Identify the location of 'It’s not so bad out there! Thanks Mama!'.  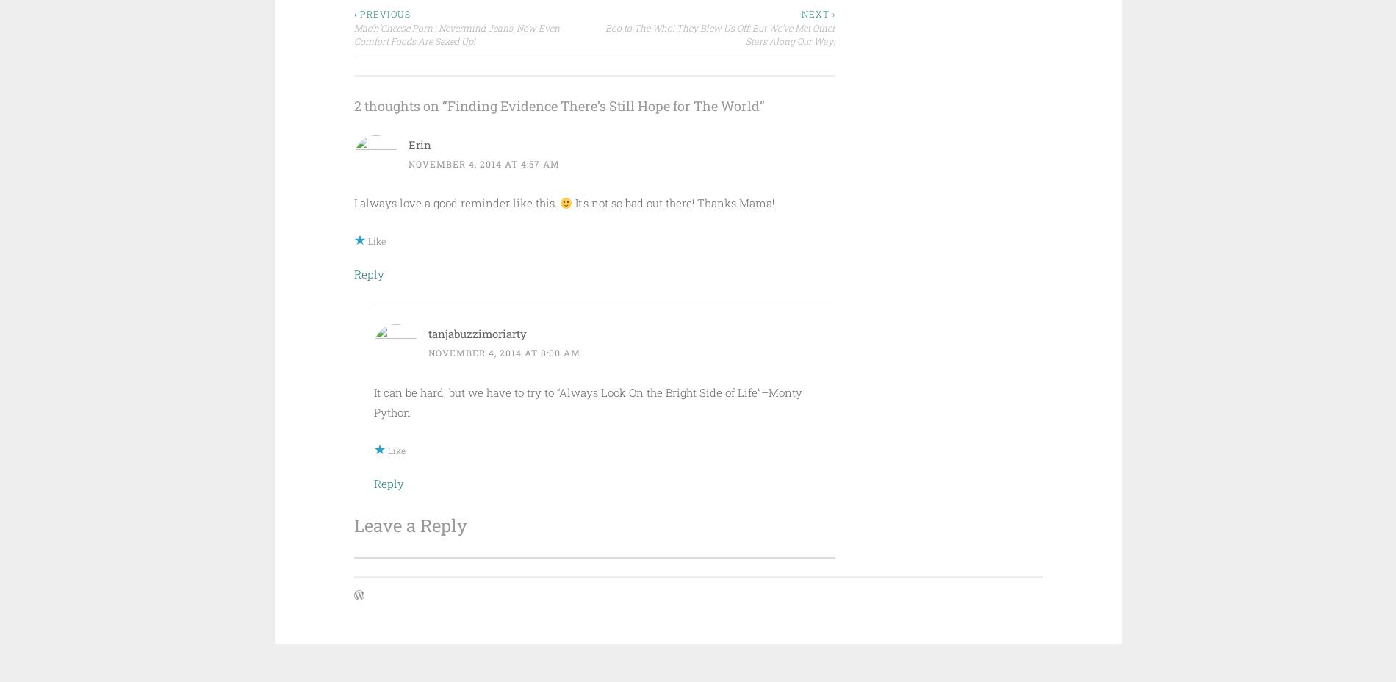
(571, 201).